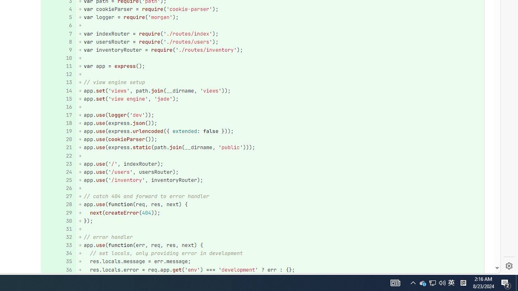  I want to click on 'Add a comment to this line 26', so click(58, 188).